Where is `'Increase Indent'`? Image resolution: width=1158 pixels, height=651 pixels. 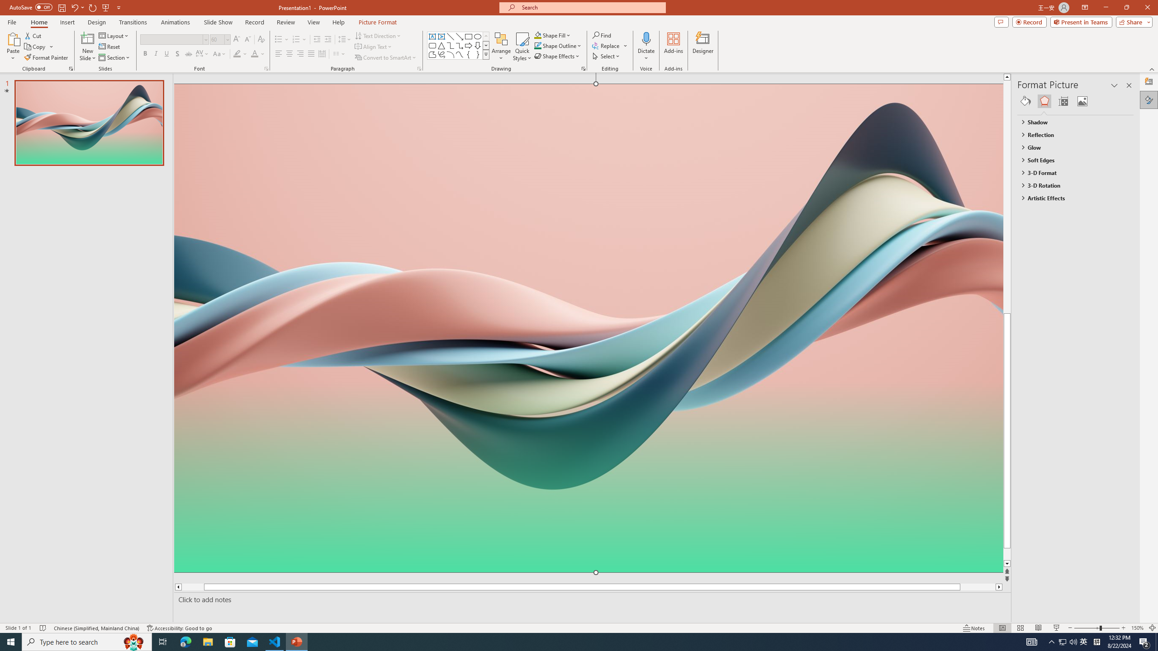 'Increase Indent' is located at coordinates (328, 39).